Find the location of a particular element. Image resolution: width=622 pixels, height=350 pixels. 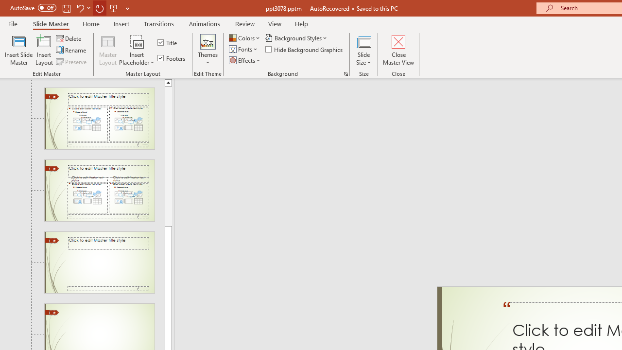

'Slide Title Only Layout: used by no slides' is located at coordinates (99, 262).